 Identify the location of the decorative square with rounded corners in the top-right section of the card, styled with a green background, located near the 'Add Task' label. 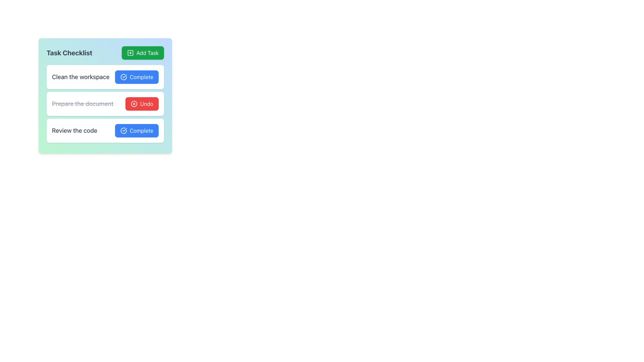
(130, 53).